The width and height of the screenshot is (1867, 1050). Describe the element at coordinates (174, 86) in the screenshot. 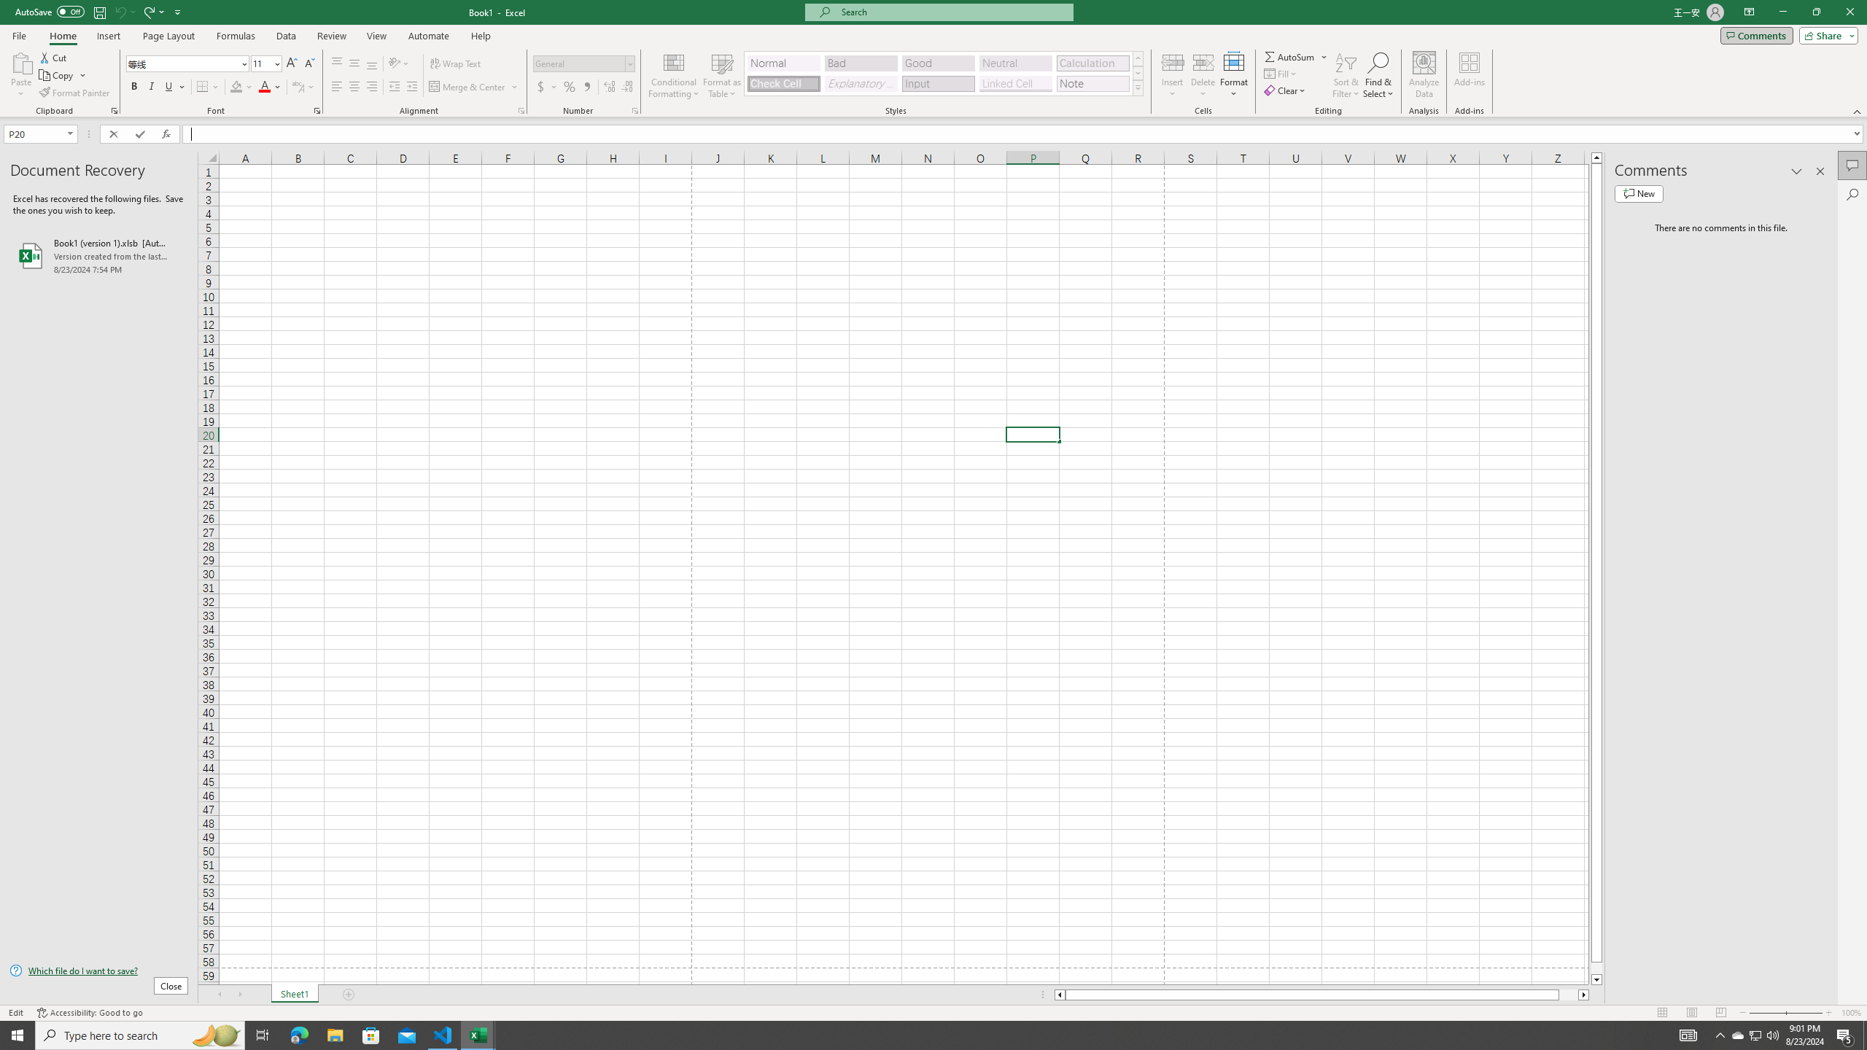

I see `'Underline'` at that location.